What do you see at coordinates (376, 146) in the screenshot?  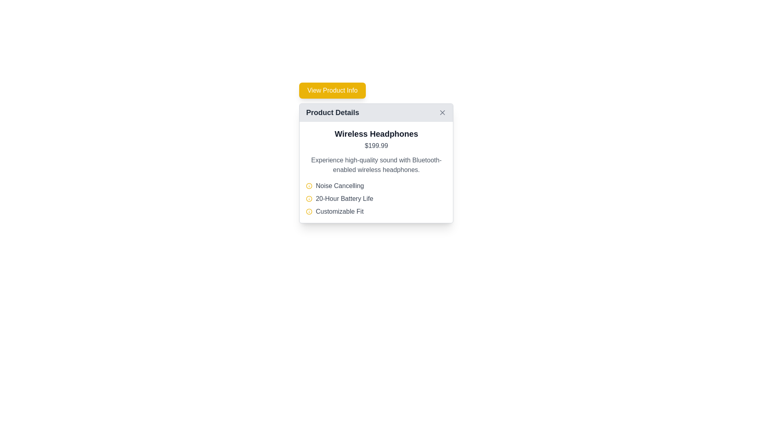 I see `the Text Label displaying the price '$199.99' located below the title 'Wireless Headphones' in the modal interface` at bounding box center [376, 146].